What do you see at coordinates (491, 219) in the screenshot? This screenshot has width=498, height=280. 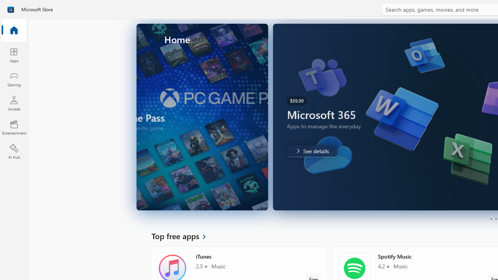 I see `'Page 1'` at bounding box center [491, 219].